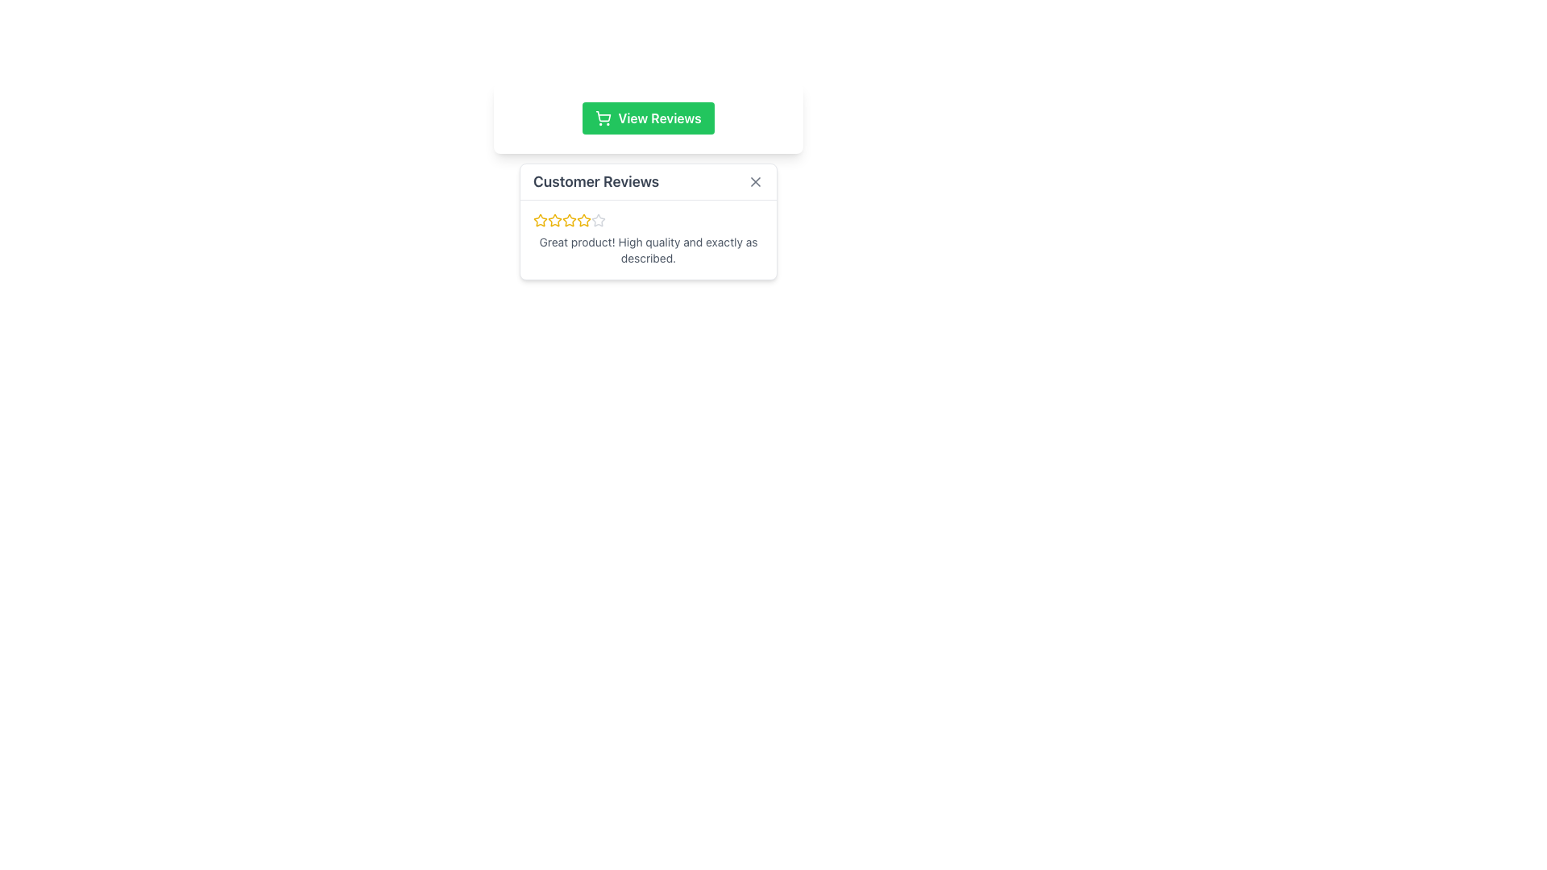 This screenshot has height=870, width=1547. Describe the element at coordinates (649, 251) in the screenshot. I see `text content of the review block that states 'Great product! High quality and exactly as described.' which is positioned directly underneath the rating stars in the customer review section` at that location.